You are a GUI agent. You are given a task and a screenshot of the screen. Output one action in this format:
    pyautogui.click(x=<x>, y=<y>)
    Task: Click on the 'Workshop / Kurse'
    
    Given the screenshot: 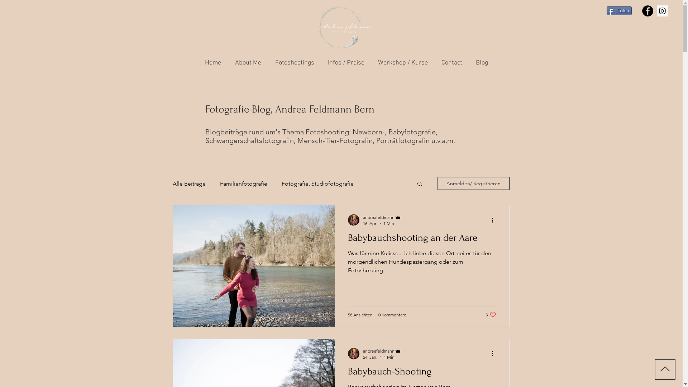 What is the action you would take?
    pyautogui.click(x=401, y=62)
    